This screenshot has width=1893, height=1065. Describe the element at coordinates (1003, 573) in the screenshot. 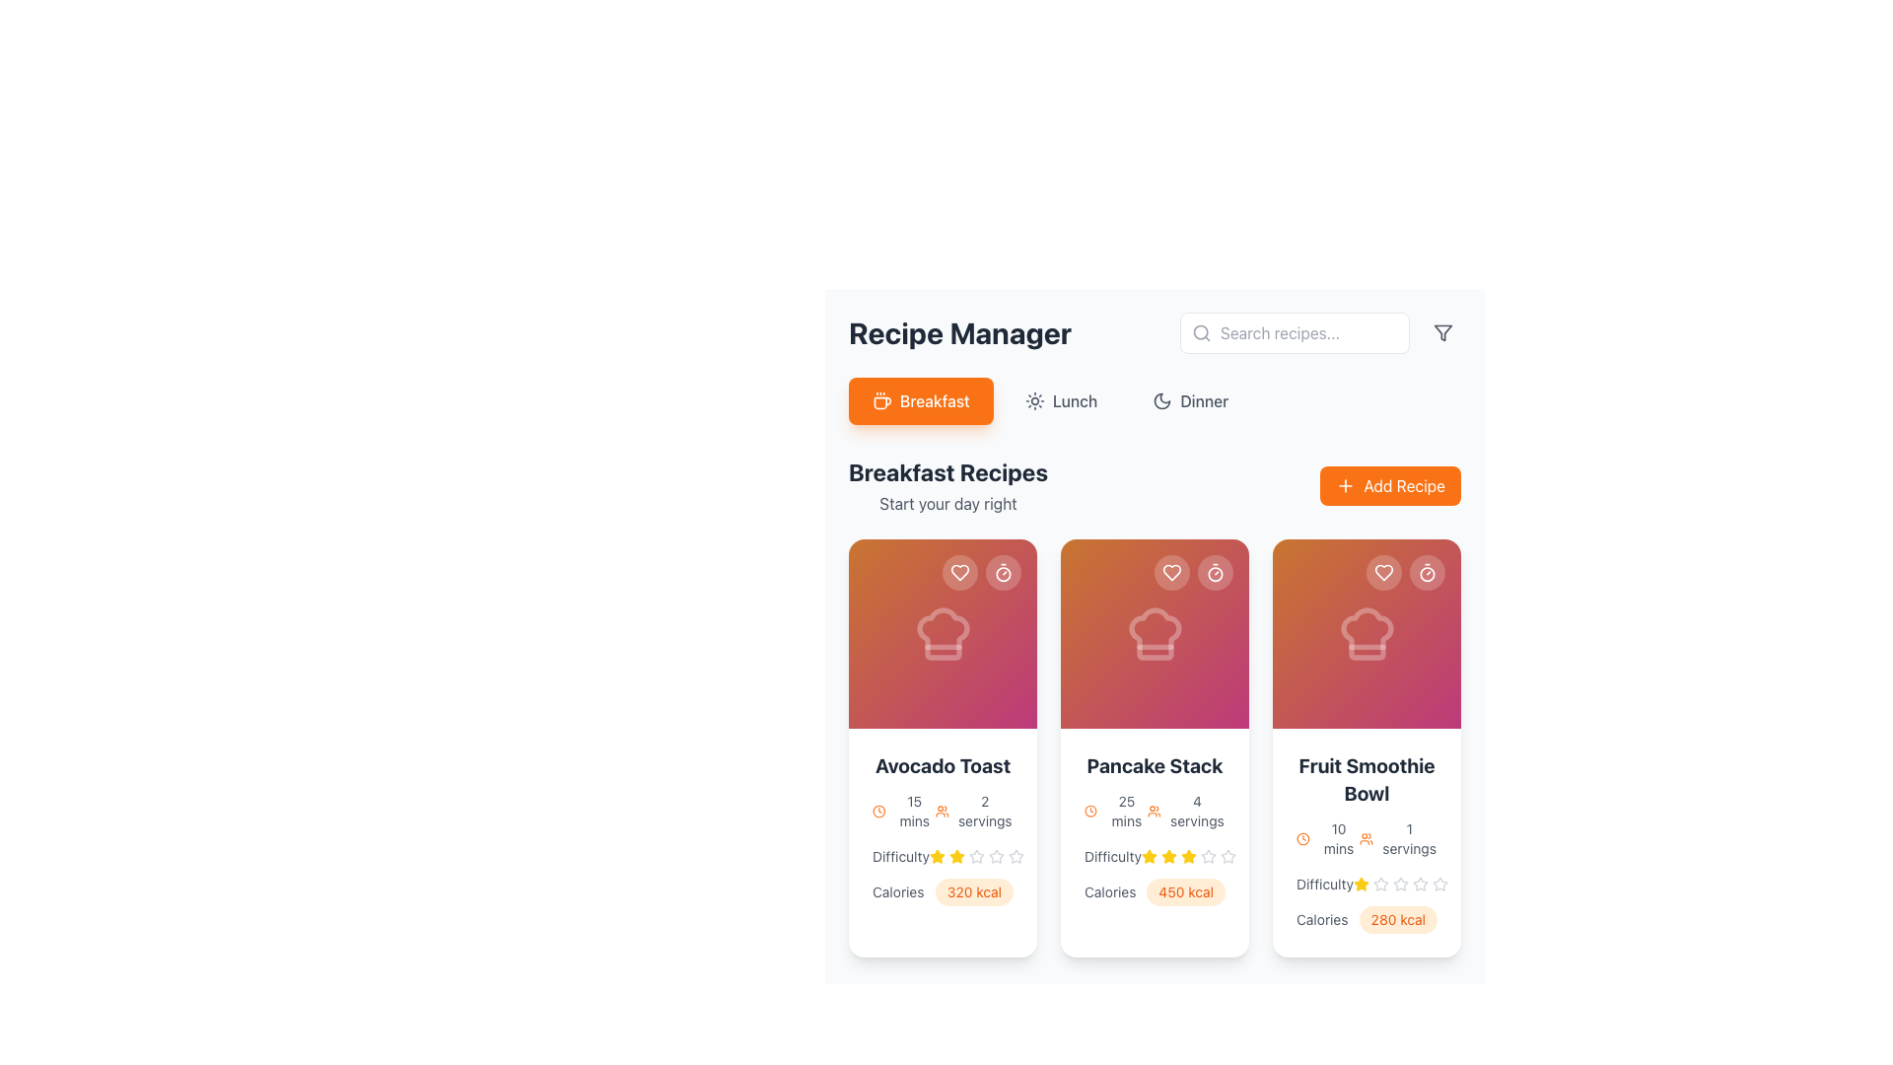

I see `the circular timer button with a semi-transparent white background located in the top-right corner of the 'Avocado Toast' recipe card` at that location.